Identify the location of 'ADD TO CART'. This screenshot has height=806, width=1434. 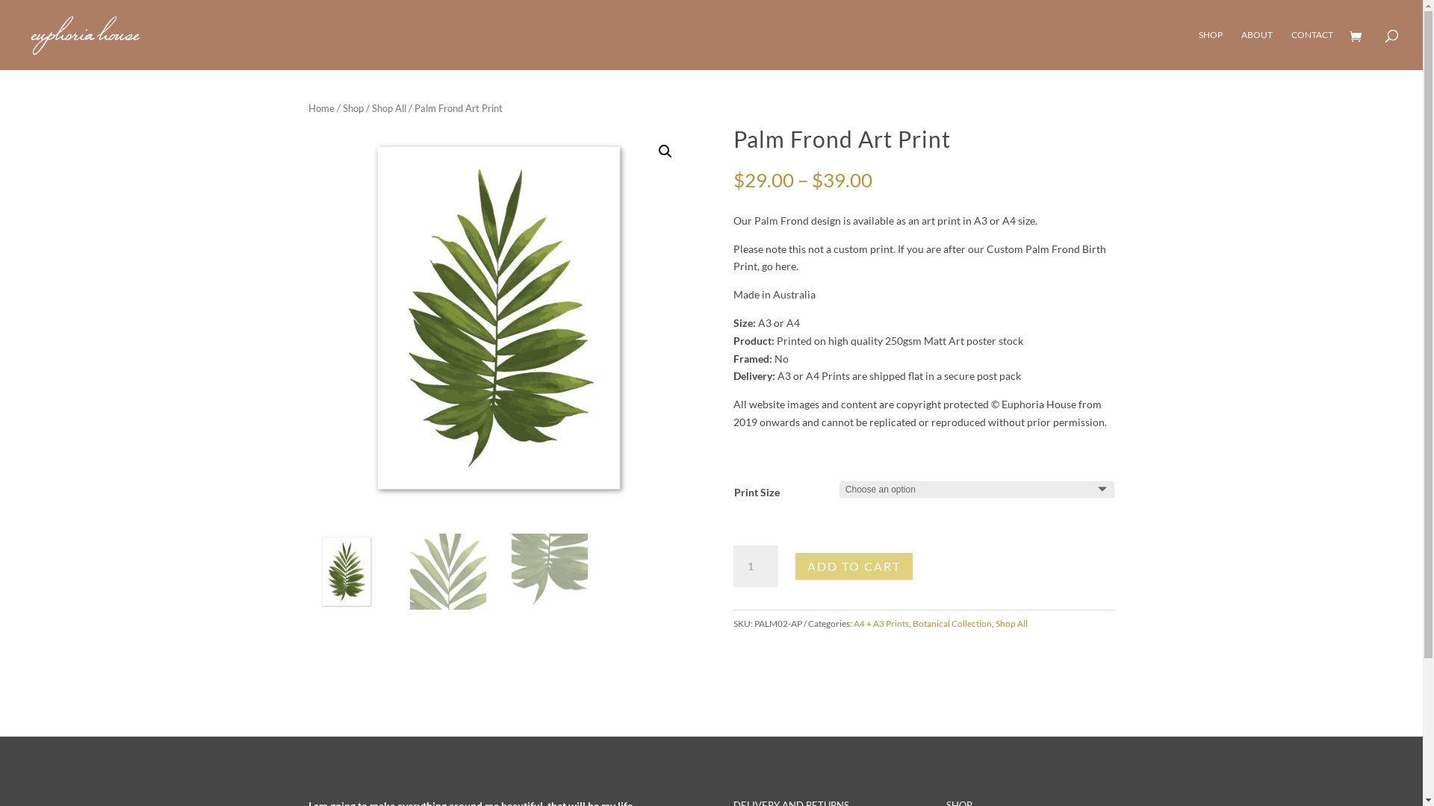
(854, 566).